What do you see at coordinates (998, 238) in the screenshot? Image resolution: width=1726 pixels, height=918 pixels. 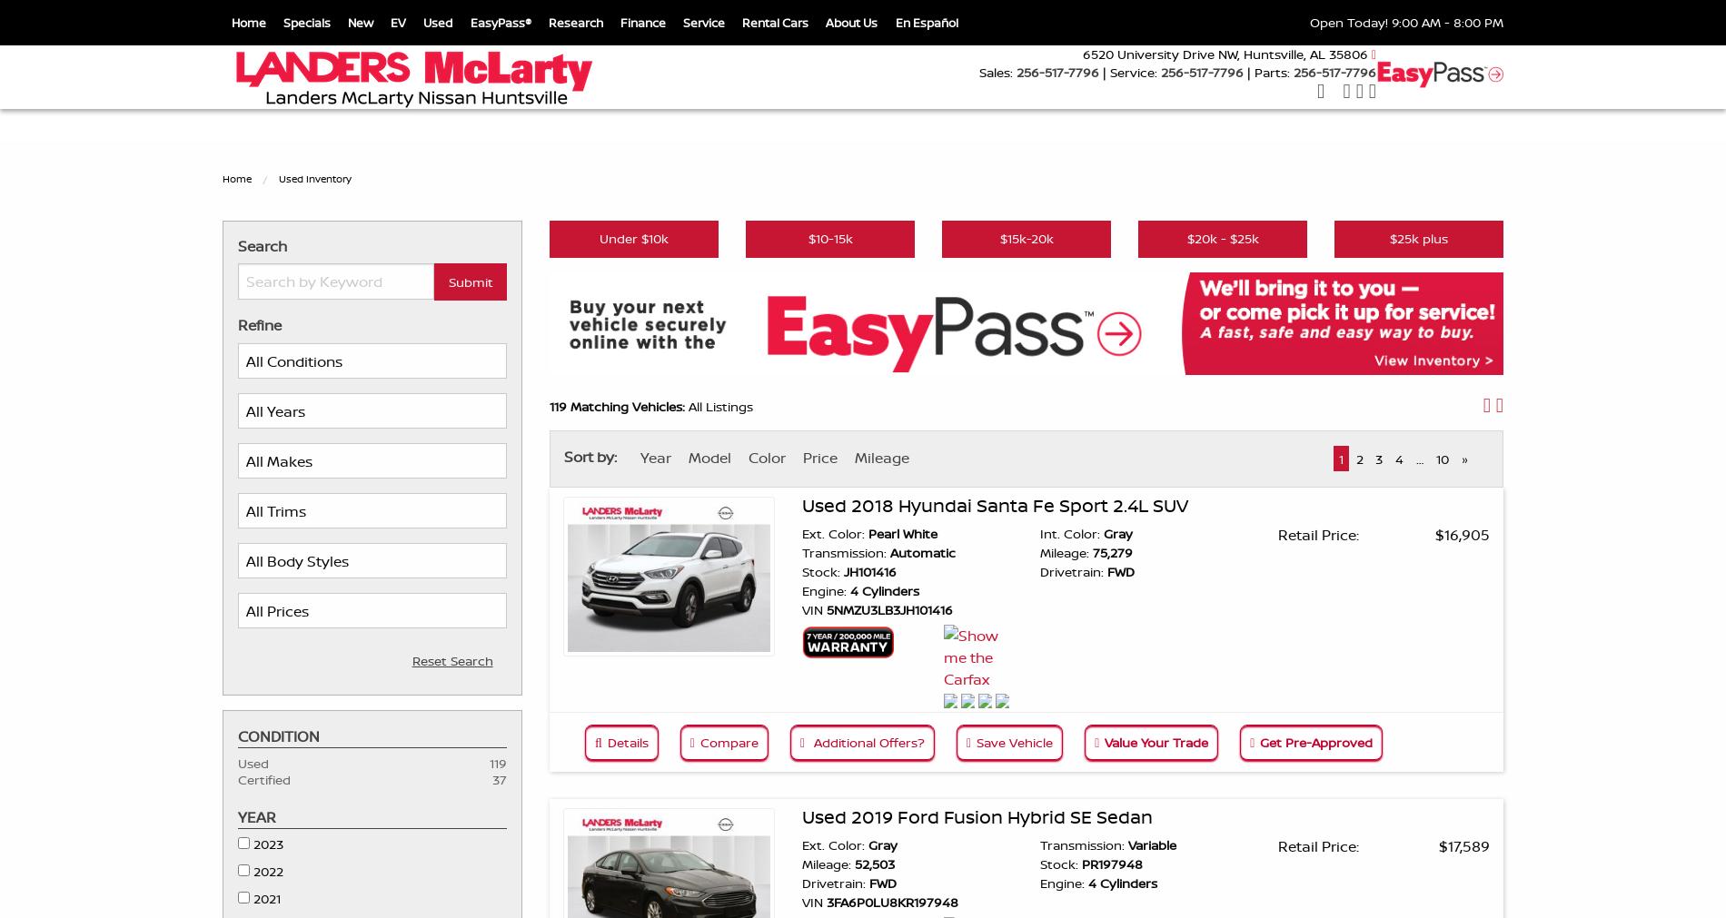 I see `'$15k-20k'` at bounding box center [998, 238].